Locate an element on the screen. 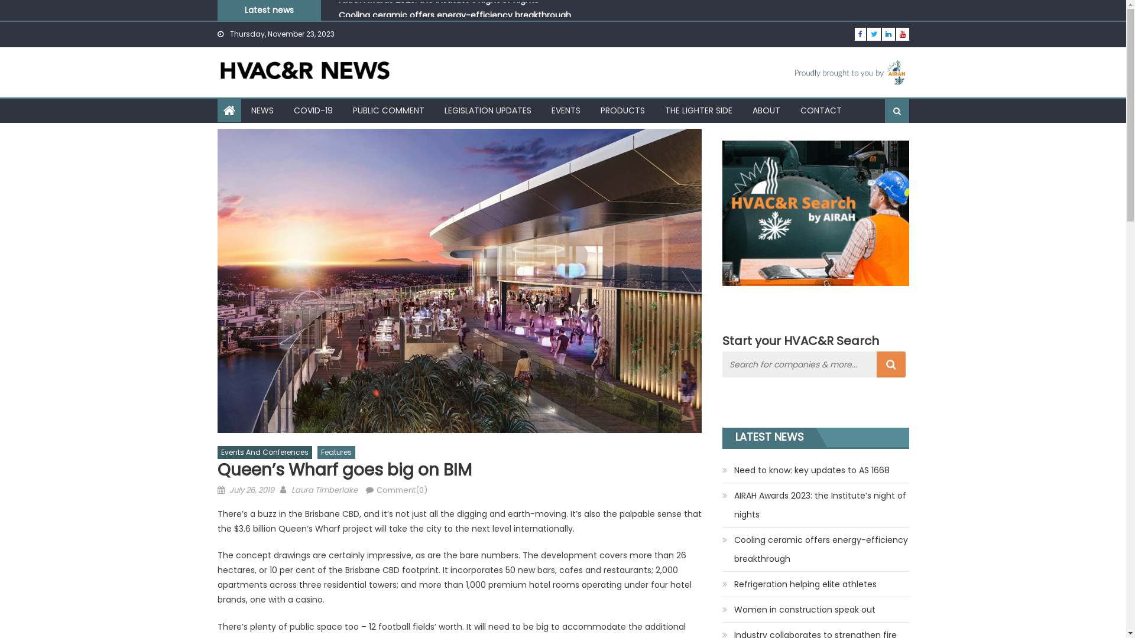 The width and height of the screenshot is (1135, 638). 'Laura Timberlake' is located at coordinates (323, 490).